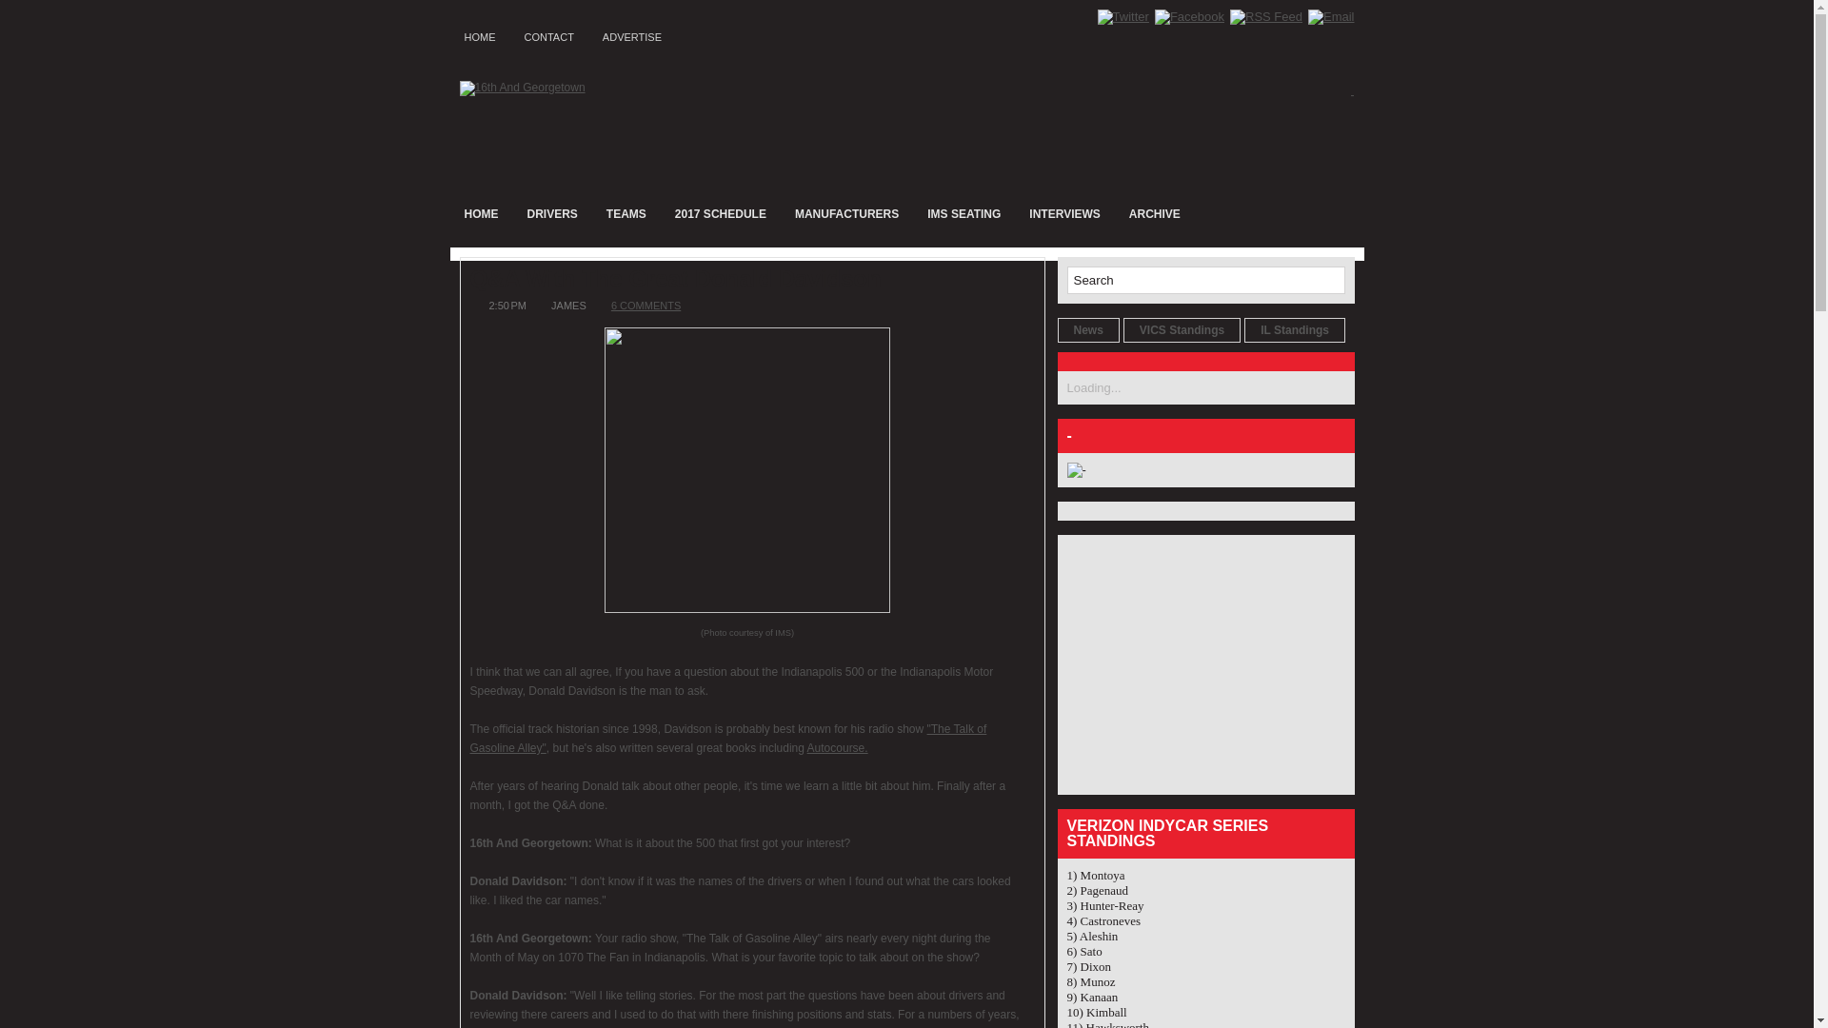 The height and width of the screenshot is (1028, 1828). What do you see at coordinates (631, 33) in the screenshot?
I see `'ADVERTISE'` at bounding box center [631, 33].